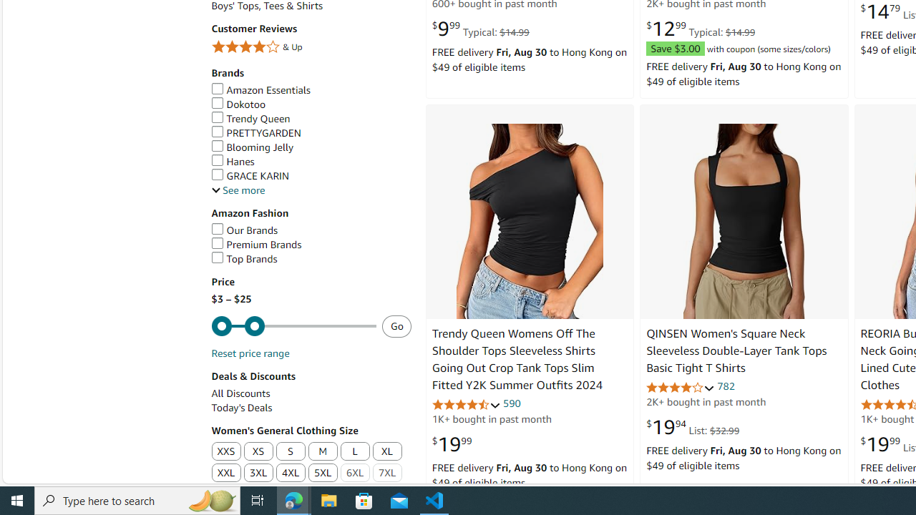 The height and width of the screenshot is (515, 916). Describe the element at coordinates (388, 474) in the screenshot. I see `'7XL'` at that location.